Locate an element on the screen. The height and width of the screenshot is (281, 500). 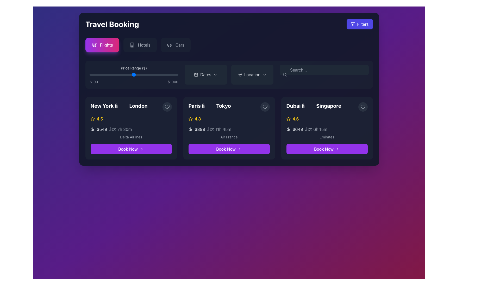
the text label within the booking button for the travel itinerary from Dubai is located at coordinates (323, 149).